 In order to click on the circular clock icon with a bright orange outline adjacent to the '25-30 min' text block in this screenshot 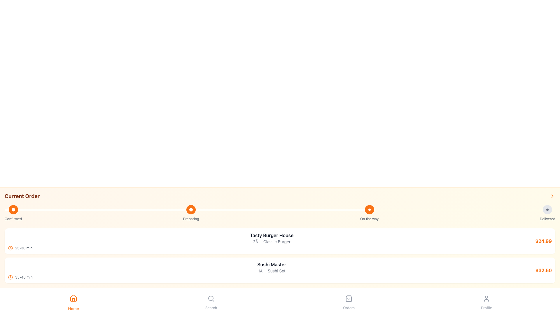, I will do `click(10, 248)`.